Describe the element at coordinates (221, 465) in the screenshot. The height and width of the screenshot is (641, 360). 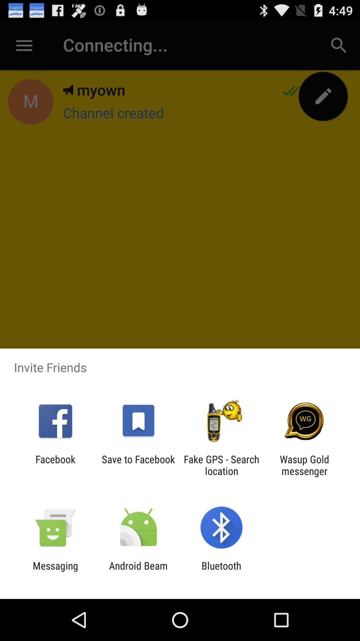
I see `fake gps search app` at that location.